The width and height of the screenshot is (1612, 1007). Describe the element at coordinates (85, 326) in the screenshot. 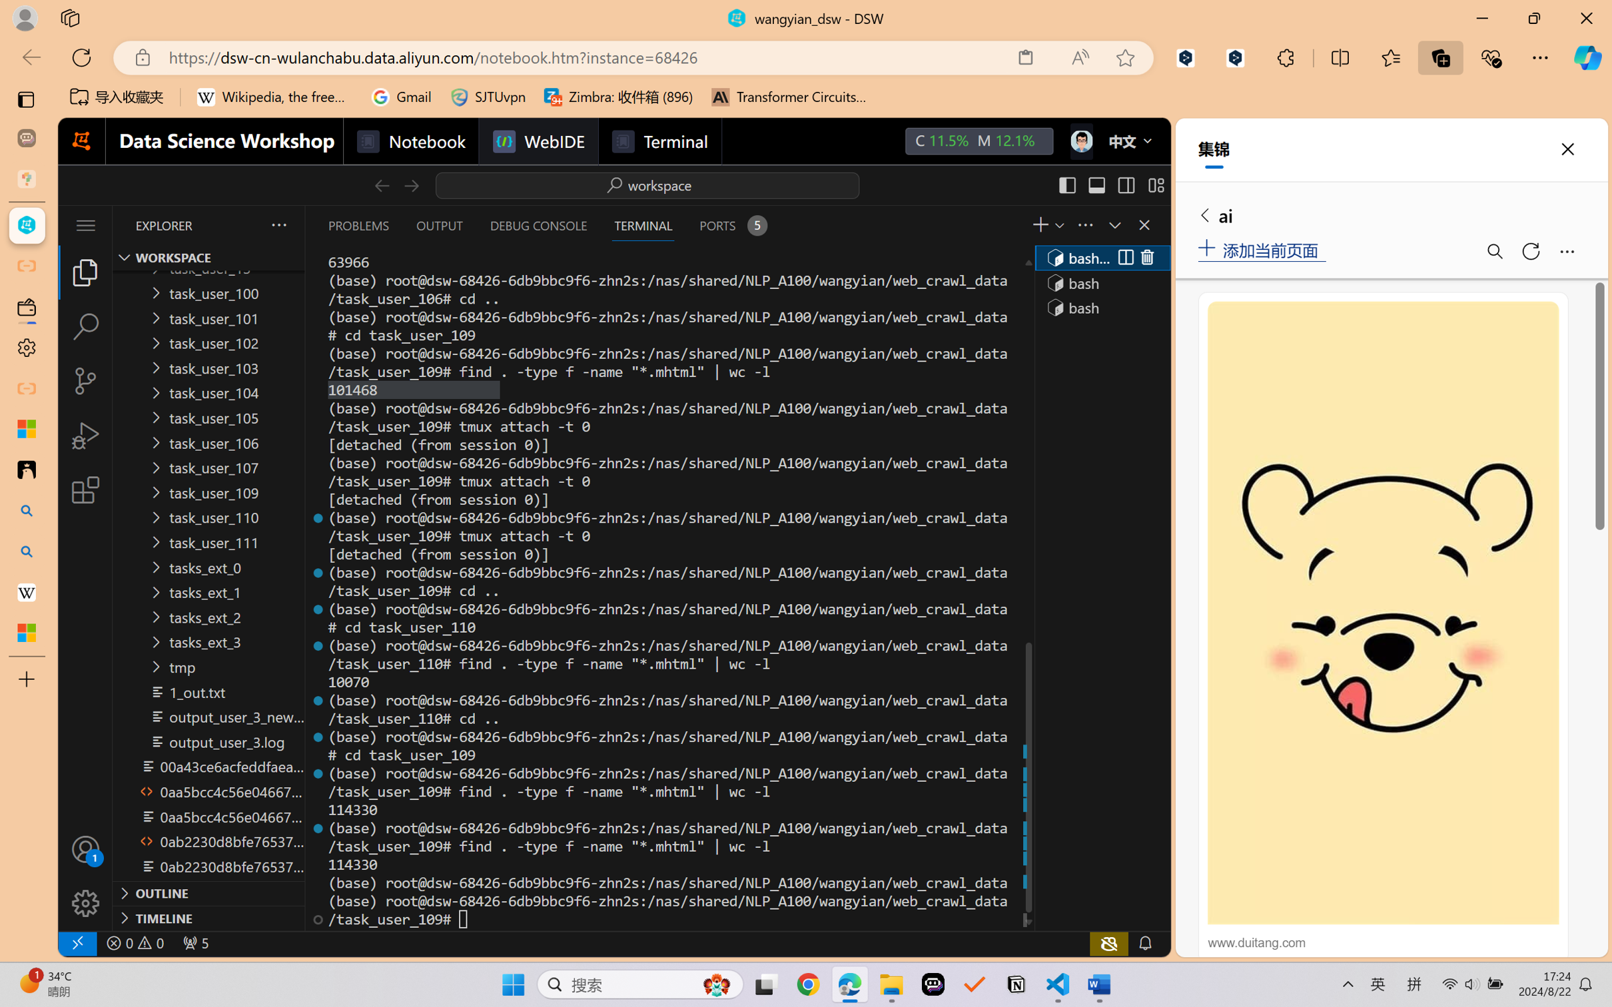

I see `'Search (Ctrl+Shift+F)'` at that location.